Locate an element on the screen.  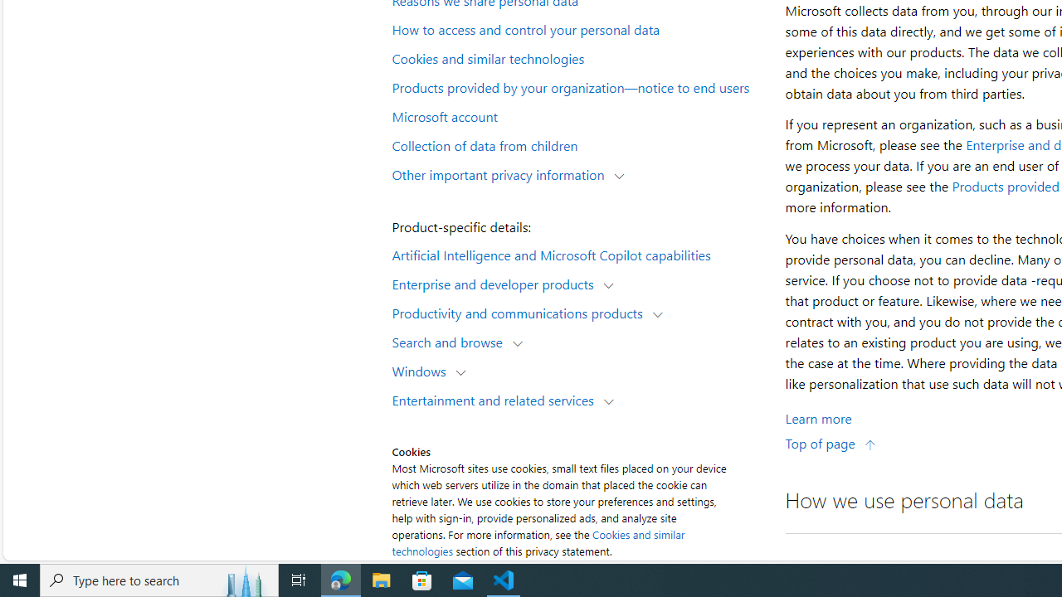
'Top of page' is located at coordinates (831, 442).